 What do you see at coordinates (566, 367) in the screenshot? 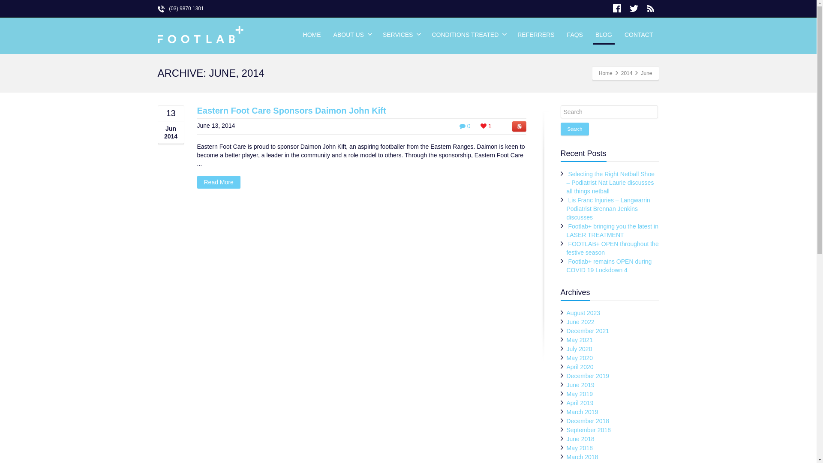
I see `'April 2020'` at bounding box center [566, 367].